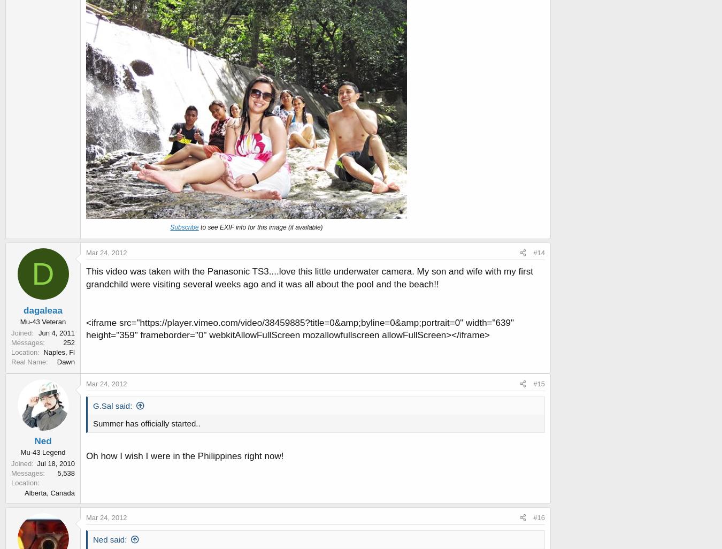 The height and width of the screenshot is (549, 722). Describe the element at coordinates (69, 342) in the screenshot. I see `'252'` at that location.